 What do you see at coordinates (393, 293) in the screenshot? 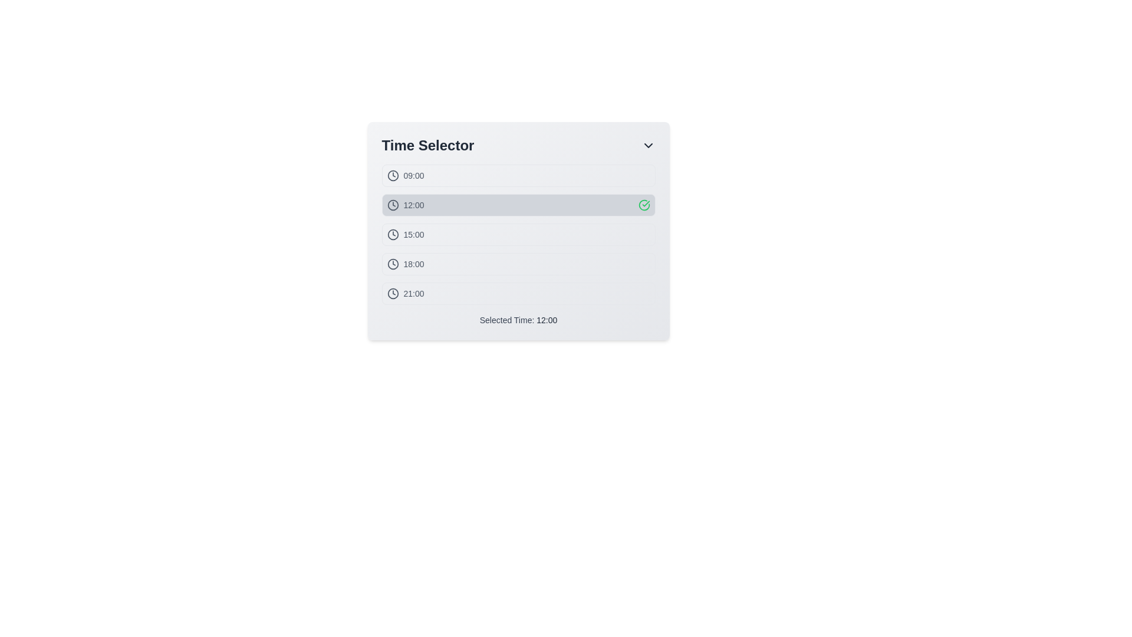
I see `the clock icon that visually indicates the time-related entry for '21:00', positioned to the left of the time text in the list` at bounding box center [393, 293].